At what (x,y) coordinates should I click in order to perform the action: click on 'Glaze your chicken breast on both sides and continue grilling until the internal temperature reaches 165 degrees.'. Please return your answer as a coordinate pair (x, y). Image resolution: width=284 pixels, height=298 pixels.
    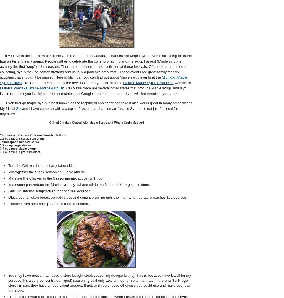
    Looking at the image, I should click on (98, 197).